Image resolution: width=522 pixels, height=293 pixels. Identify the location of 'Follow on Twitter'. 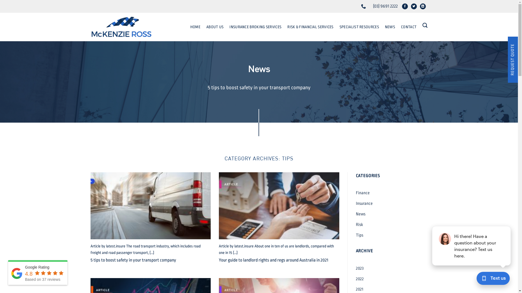
(415, 7).